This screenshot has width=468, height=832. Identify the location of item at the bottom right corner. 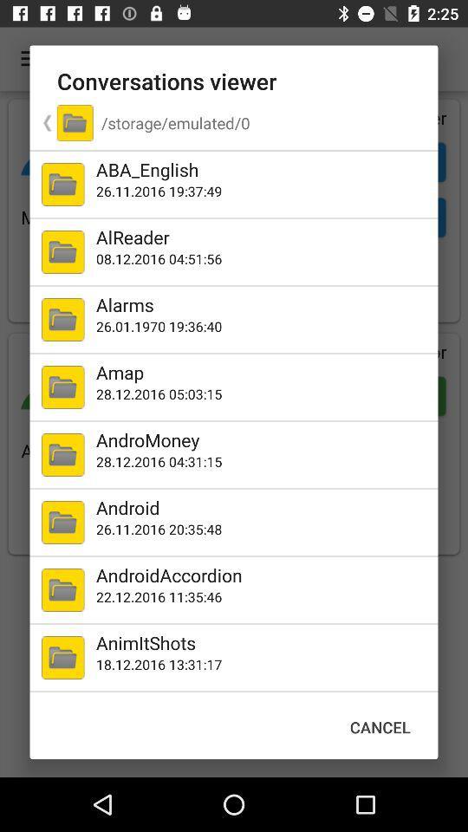
(379, 727).